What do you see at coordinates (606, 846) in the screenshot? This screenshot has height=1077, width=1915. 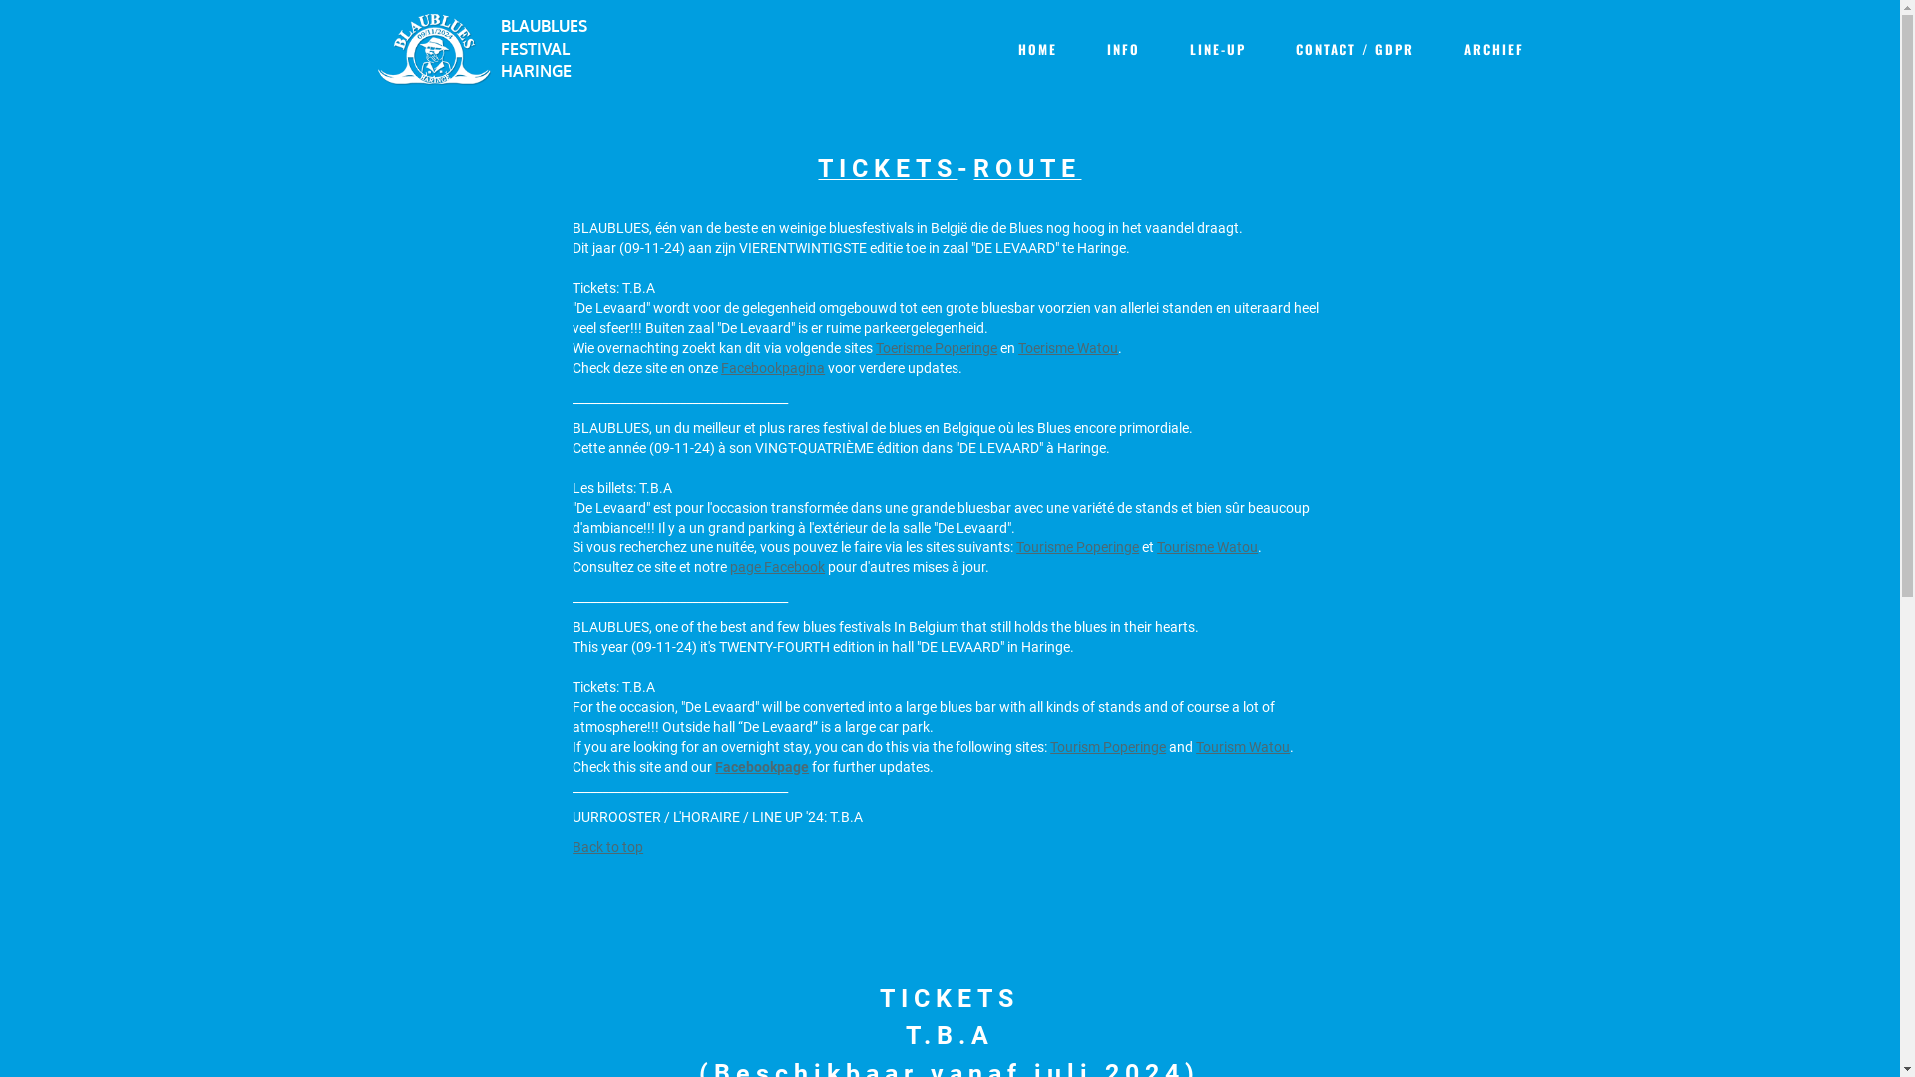 I see `'Back to top'` at bounding box center [606, 846].